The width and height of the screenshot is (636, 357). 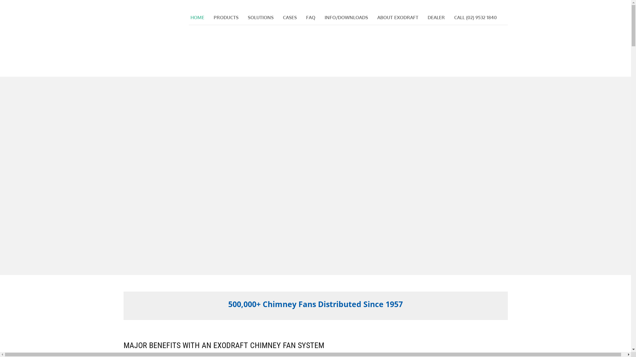 What do you see at coordinates (281, 17) in the screenshot?
I see `'CASES'` at bounding box center [281, 17].